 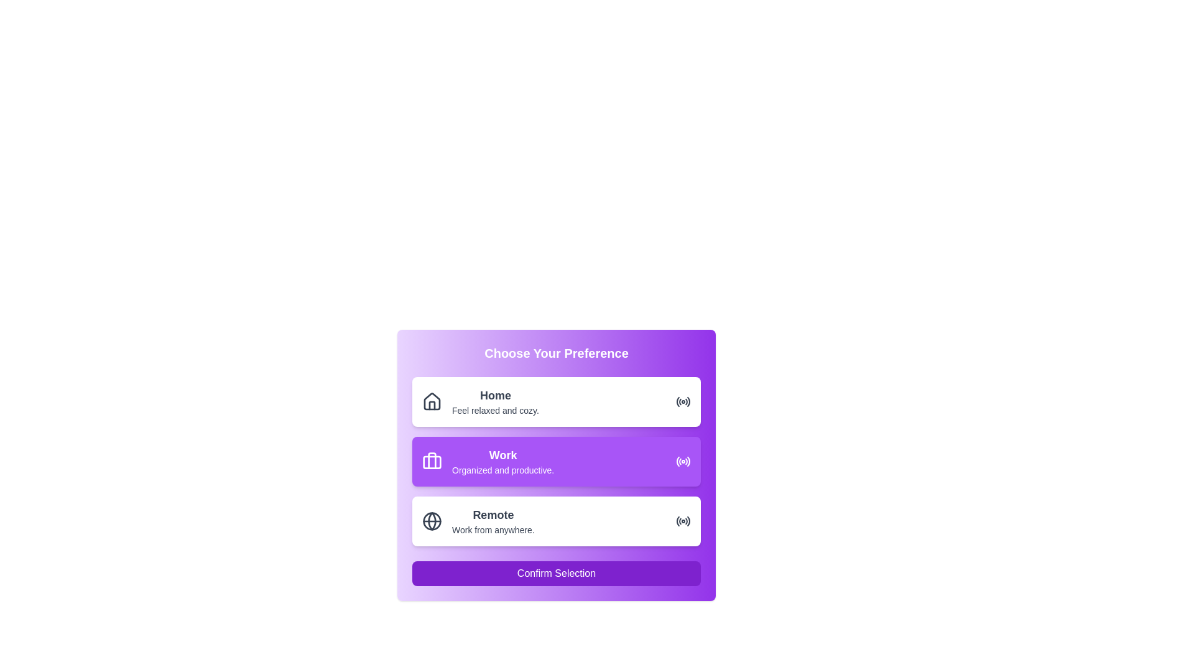 I want to click on the 'Work' icon located in the second row of options, positioned to the left of the text 'Work Organized and productive.', so click(x=432, y=461).